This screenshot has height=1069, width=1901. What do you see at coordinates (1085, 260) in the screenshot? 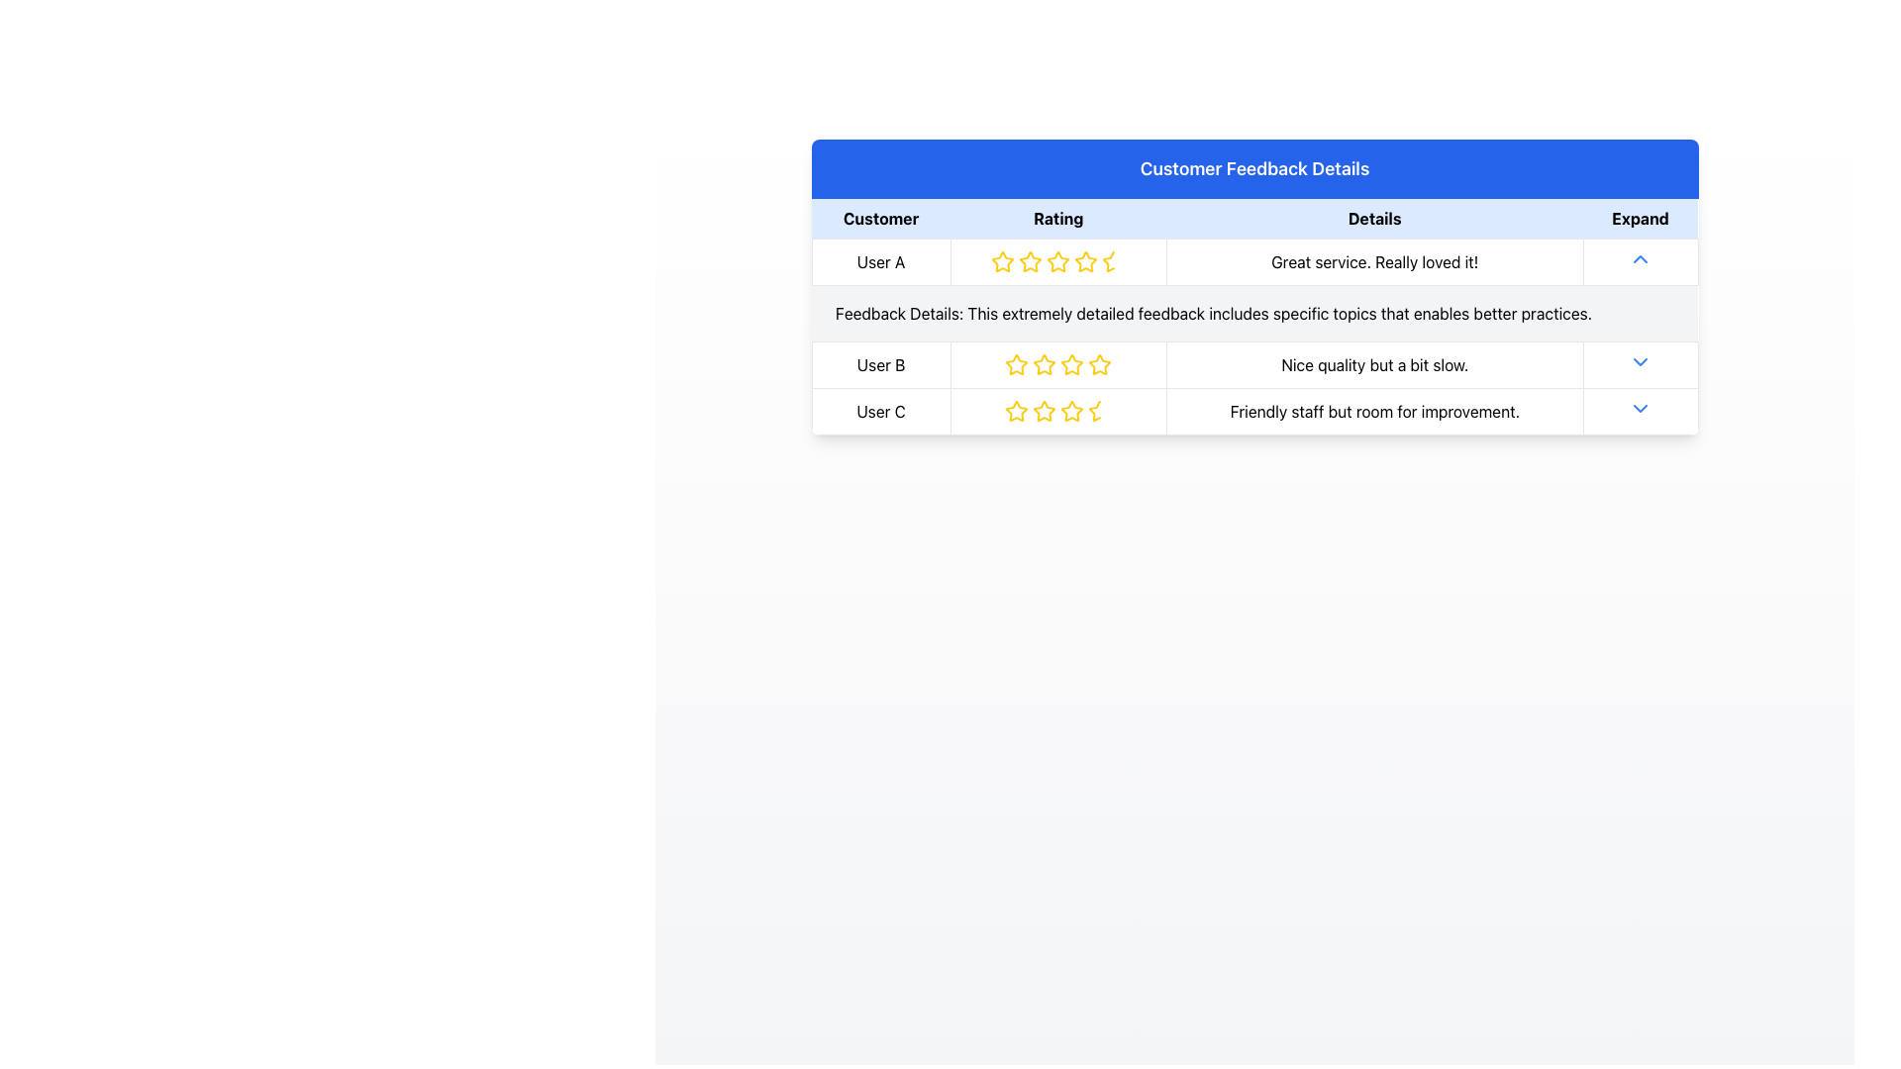
I see `the fourth star-shaped icon with a yellow border in the Rating System for User A` at bounding box center [1085, 260].